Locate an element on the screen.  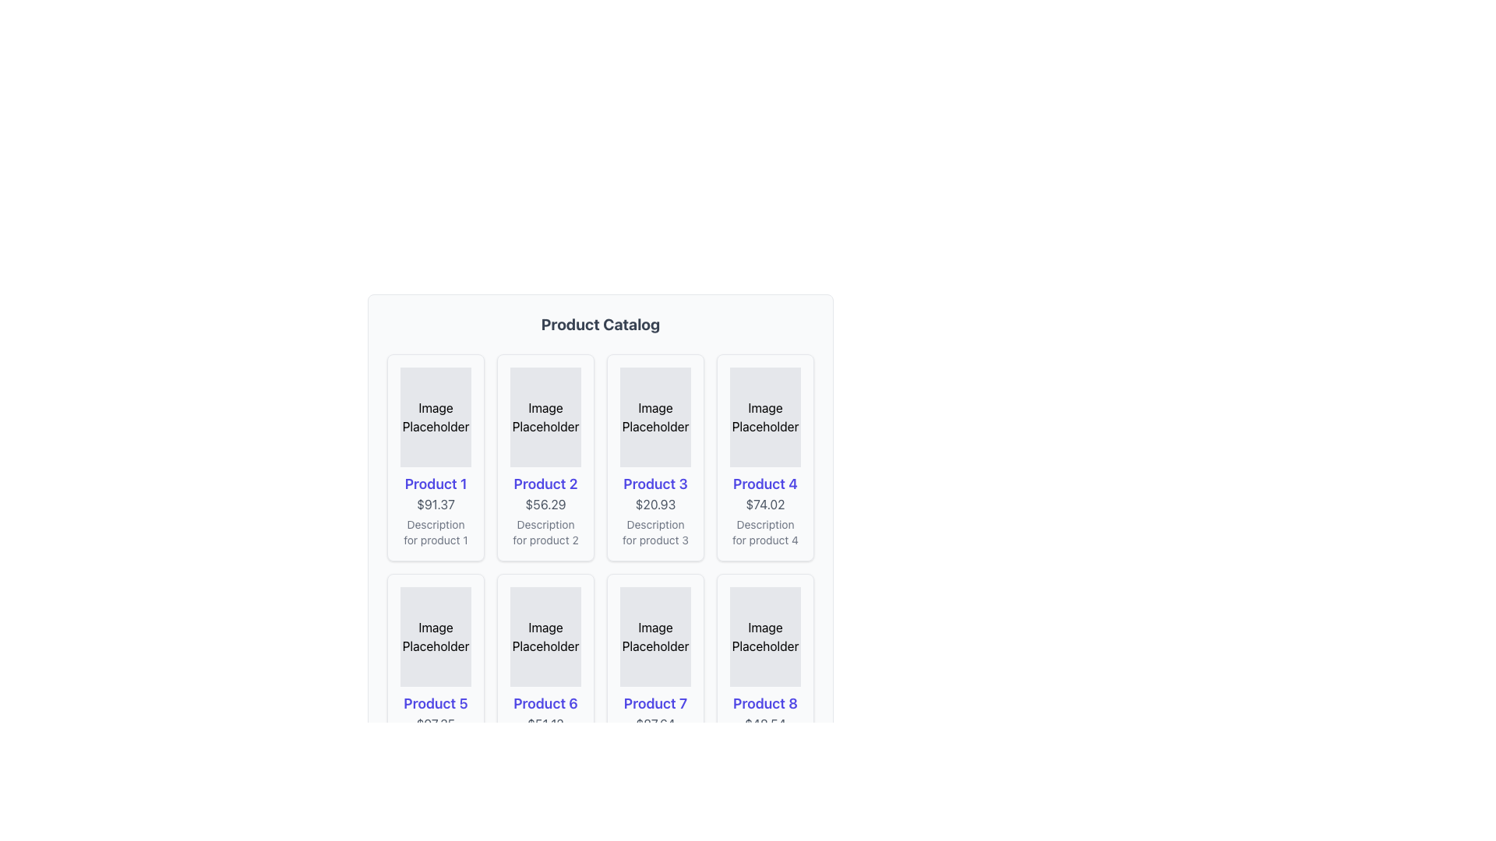
the static text element displaying 'Image Placeholder' in the second row of the grid layout corresponding to 'Product 6' is located at coordinates (545, 636).